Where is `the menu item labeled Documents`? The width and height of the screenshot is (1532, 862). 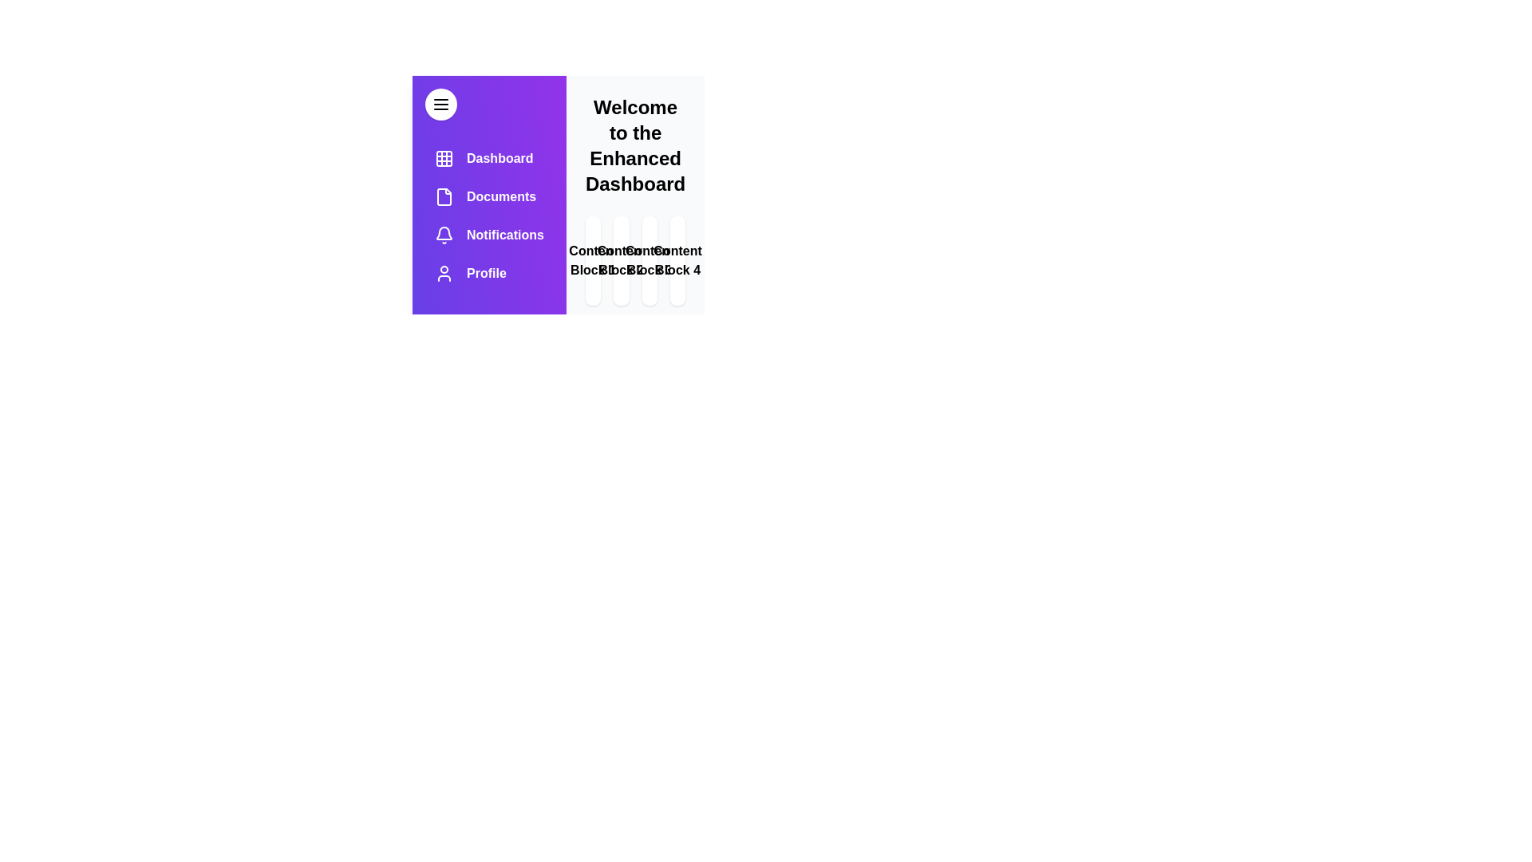
the menu item labeled Documents is located at coordinates (488, 196).